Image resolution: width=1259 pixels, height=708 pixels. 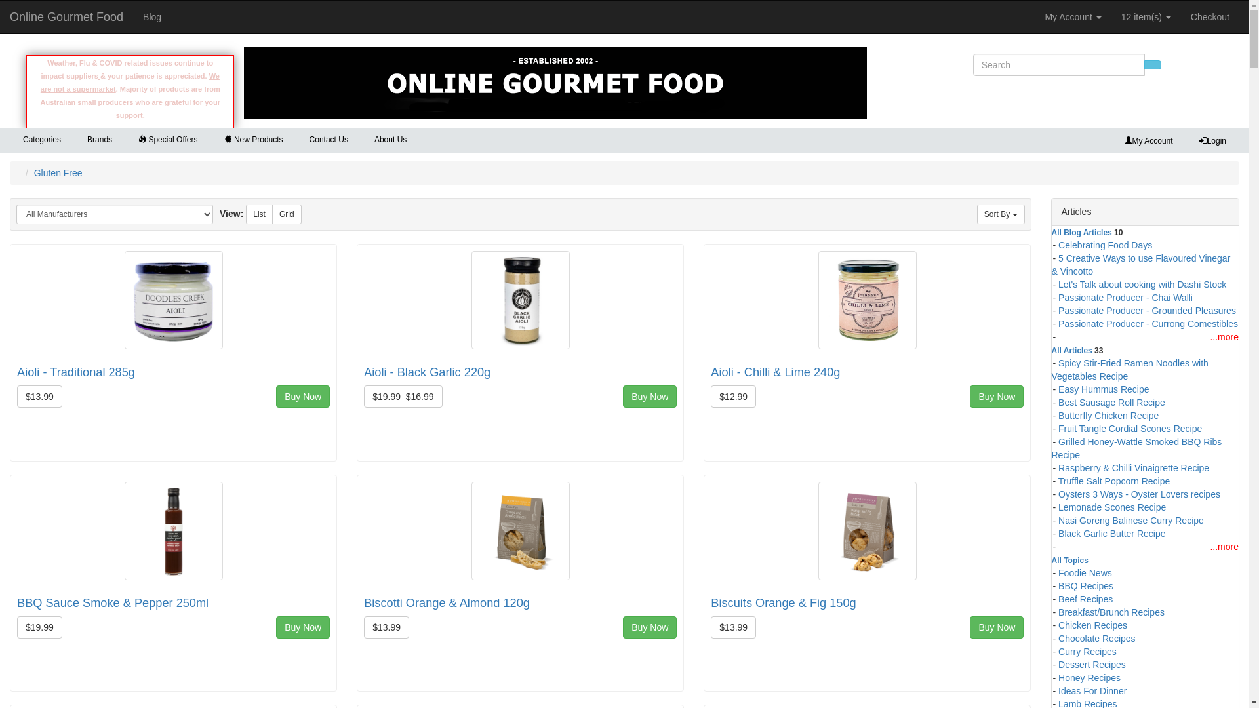 What do you see at coordinates (1092, 689) in the screenshot?
I see `'Ideas For Dinner'` at bounding box center [1092, 689].